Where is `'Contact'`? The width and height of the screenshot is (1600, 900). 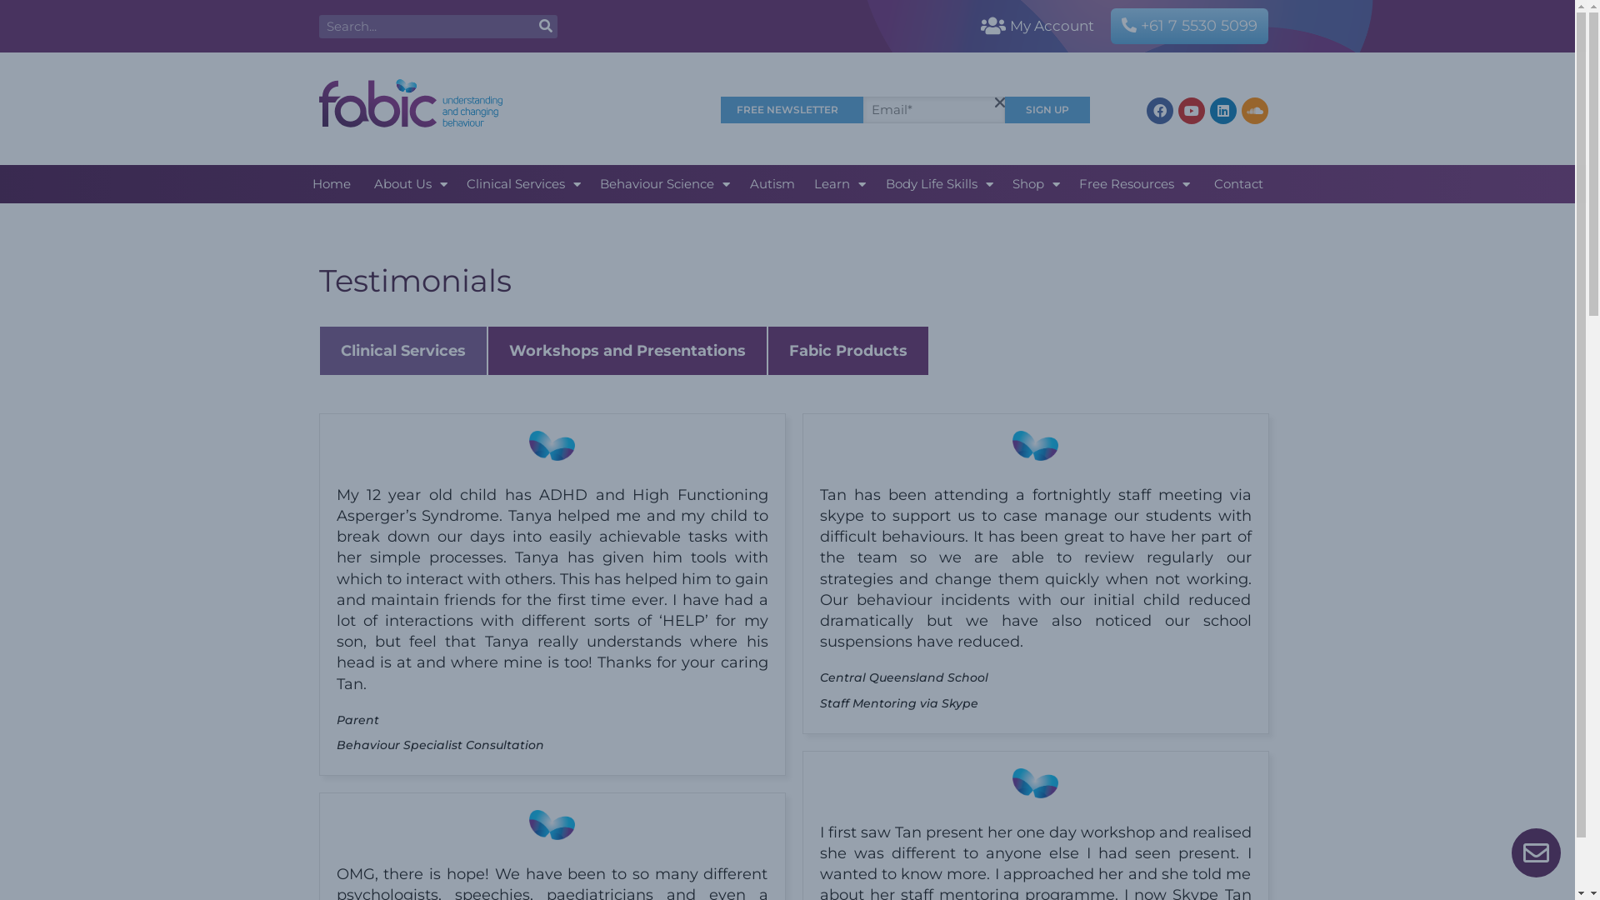 'Contact' is located at coordinates (1234, 183).